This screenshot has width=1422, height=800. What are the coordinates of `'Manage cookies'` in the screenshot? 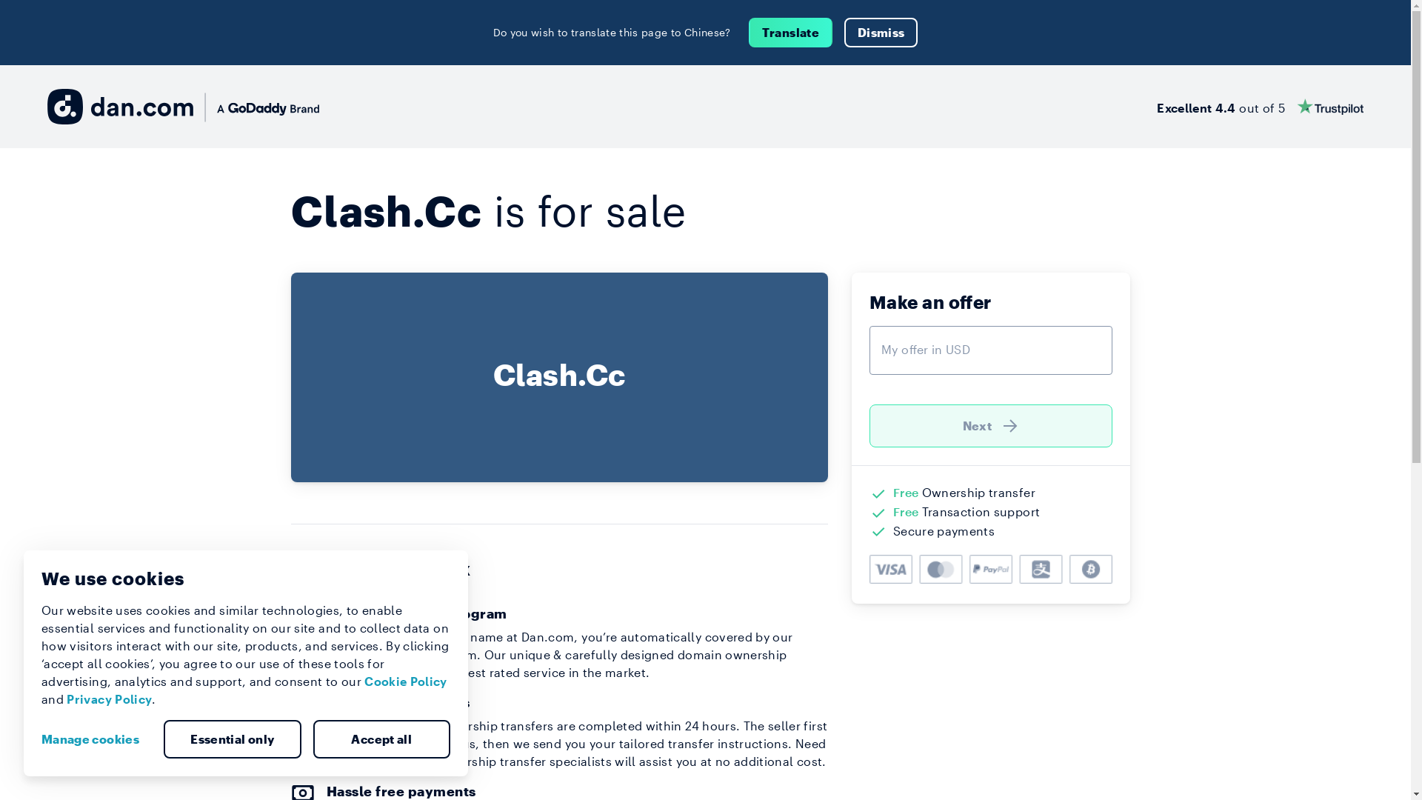 It's located at (95, 739).